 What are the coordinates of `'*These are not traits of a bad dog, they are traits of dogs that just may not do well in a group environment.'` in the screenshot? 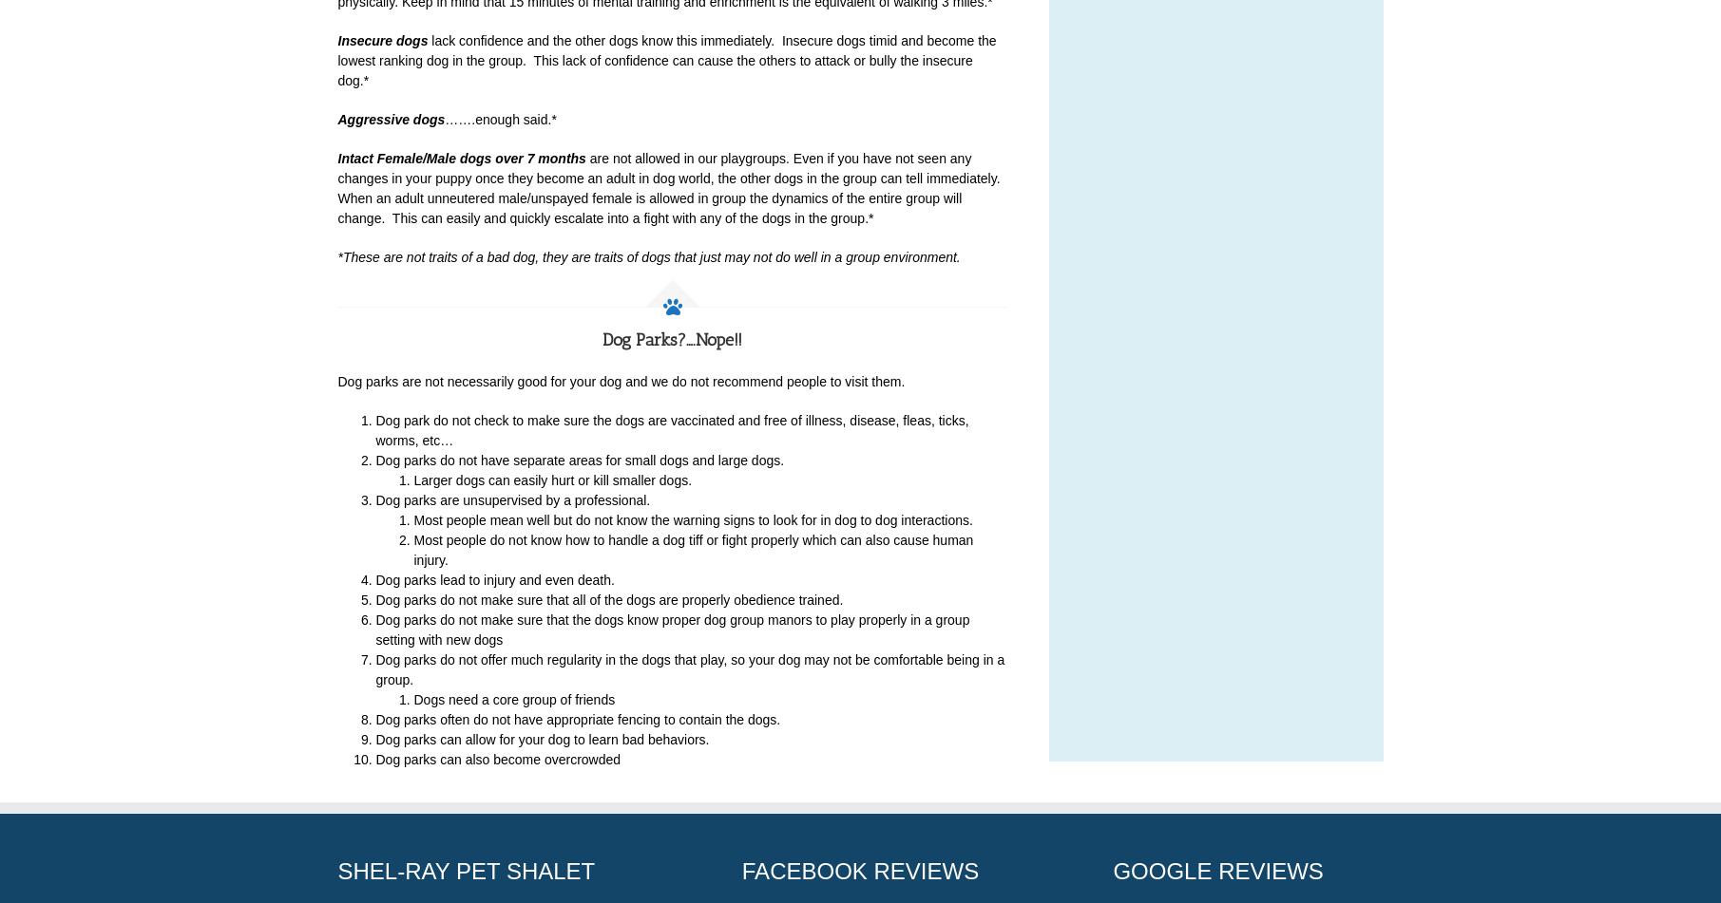 It's located at (648, 257).